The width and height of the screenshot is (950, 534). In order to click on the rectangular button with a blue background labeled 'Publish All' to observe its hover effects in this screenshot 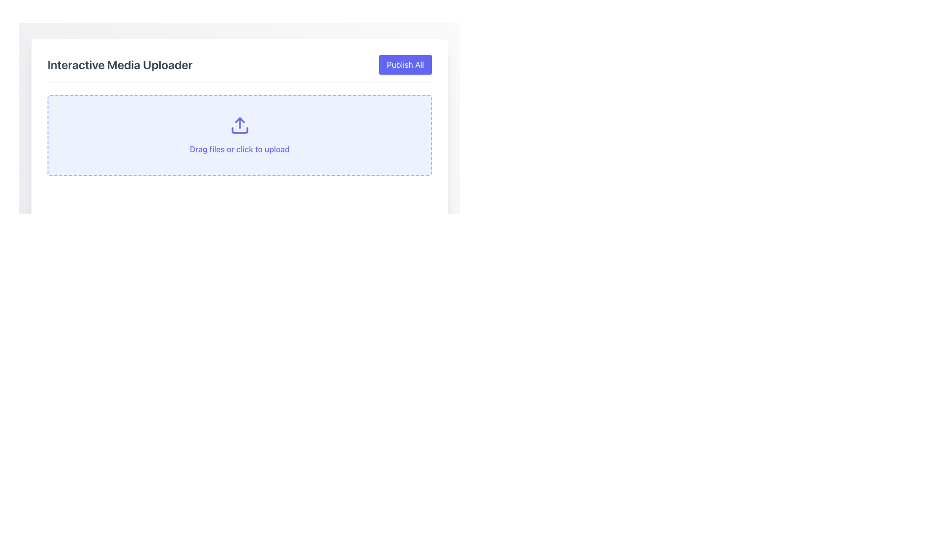, I will do `click(405, 65)`.